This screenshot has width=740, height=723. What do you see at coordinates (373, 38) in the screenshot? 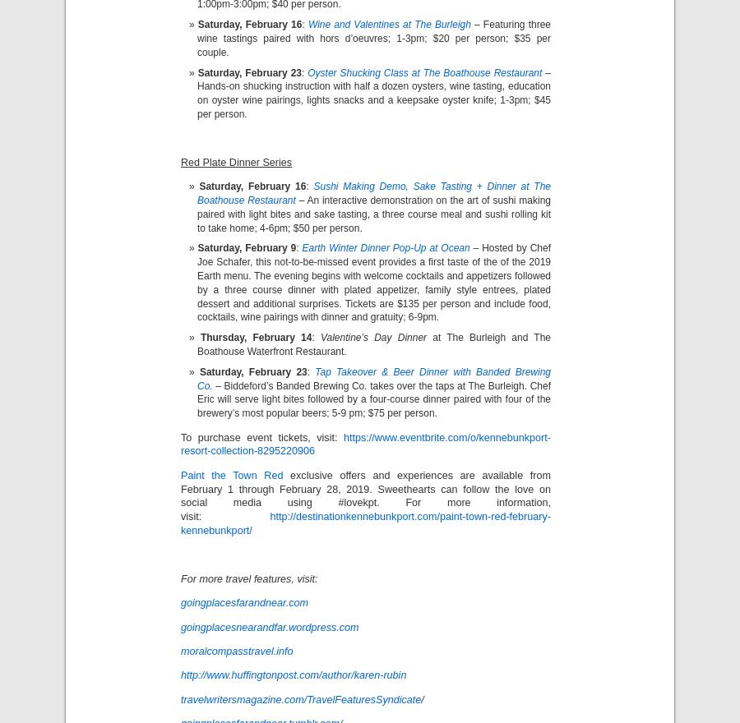
I see `'– Featuring three wine tastings paired with hors d’oeuvres; 1-3pm; $20 per person; $35 per couple.'` at bounding box center [373, 38].